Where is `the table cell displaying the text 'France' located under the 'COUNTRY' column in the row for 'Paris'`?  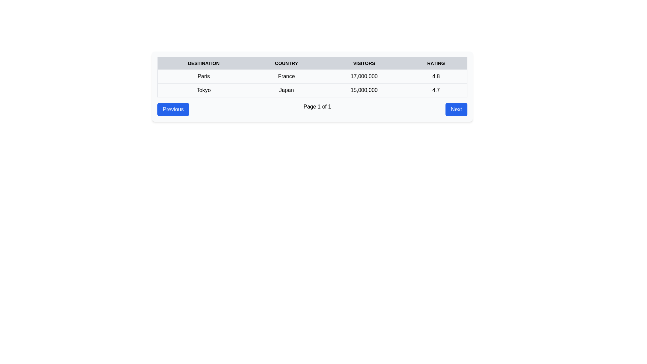 the table cell displaying the text 'France' located under the 'COUNTRY' column in the row for 'Paris' is located at coordinates (286, 76).